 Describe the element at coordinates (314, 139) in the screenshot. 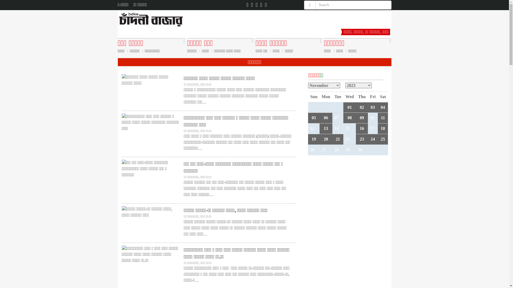

I see `'19'` at that location.